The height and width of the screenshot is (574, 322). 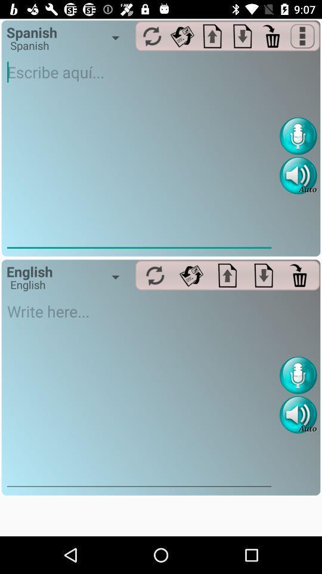 What do you see at coordinates (273, 35) in the screenshot?
I see `the delete icon` at bounding box center [273, 35].